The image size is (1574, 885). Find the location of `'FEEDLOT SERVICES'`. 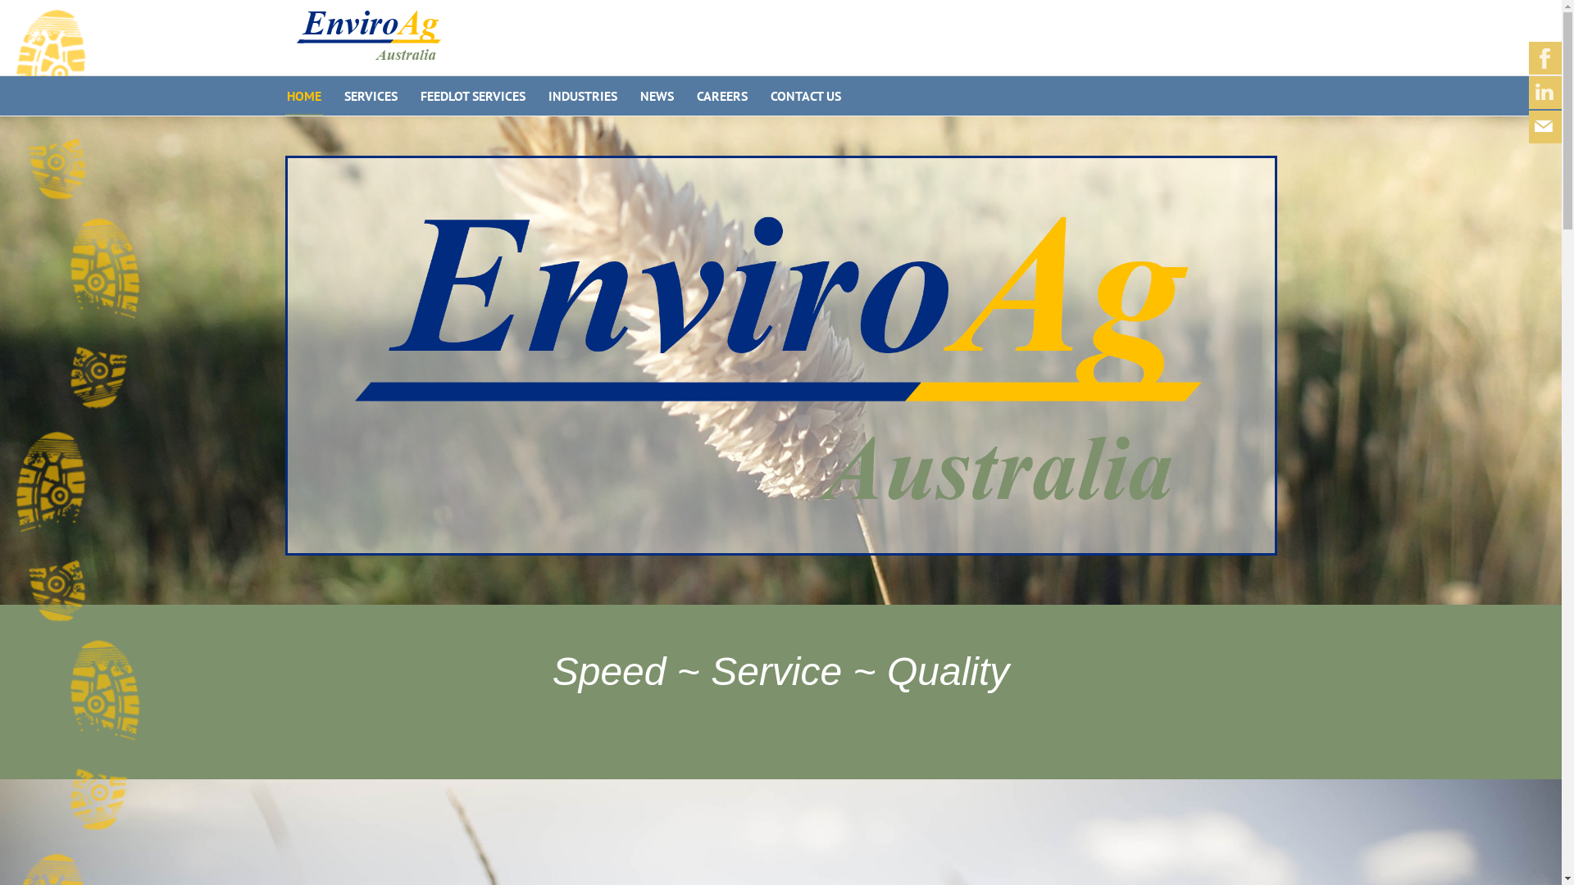

'FEEDLOT SERVICES' is located at coordinates (471, 95).